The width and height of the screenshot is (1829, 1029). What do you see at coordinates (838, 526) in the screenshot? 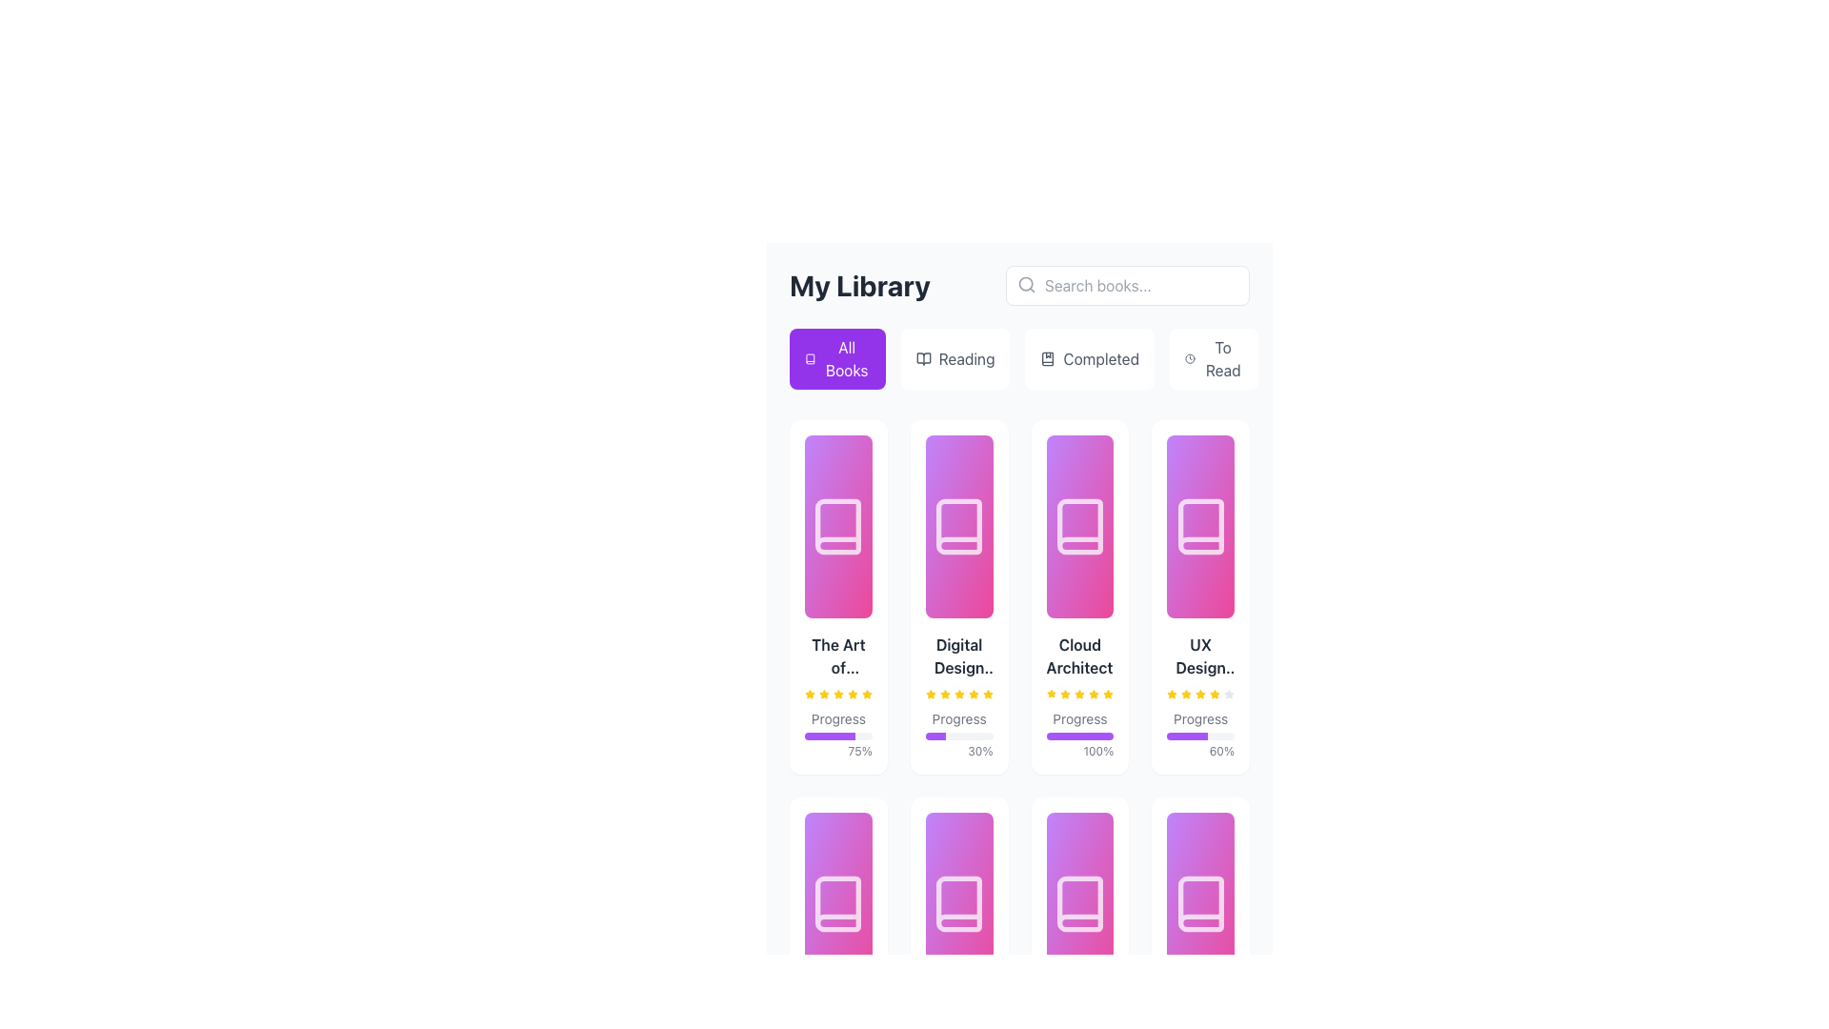
I see `the book-like icon with a distinct outline located in the top row, first column under 'My Library'` at bounding box center [838, 526].